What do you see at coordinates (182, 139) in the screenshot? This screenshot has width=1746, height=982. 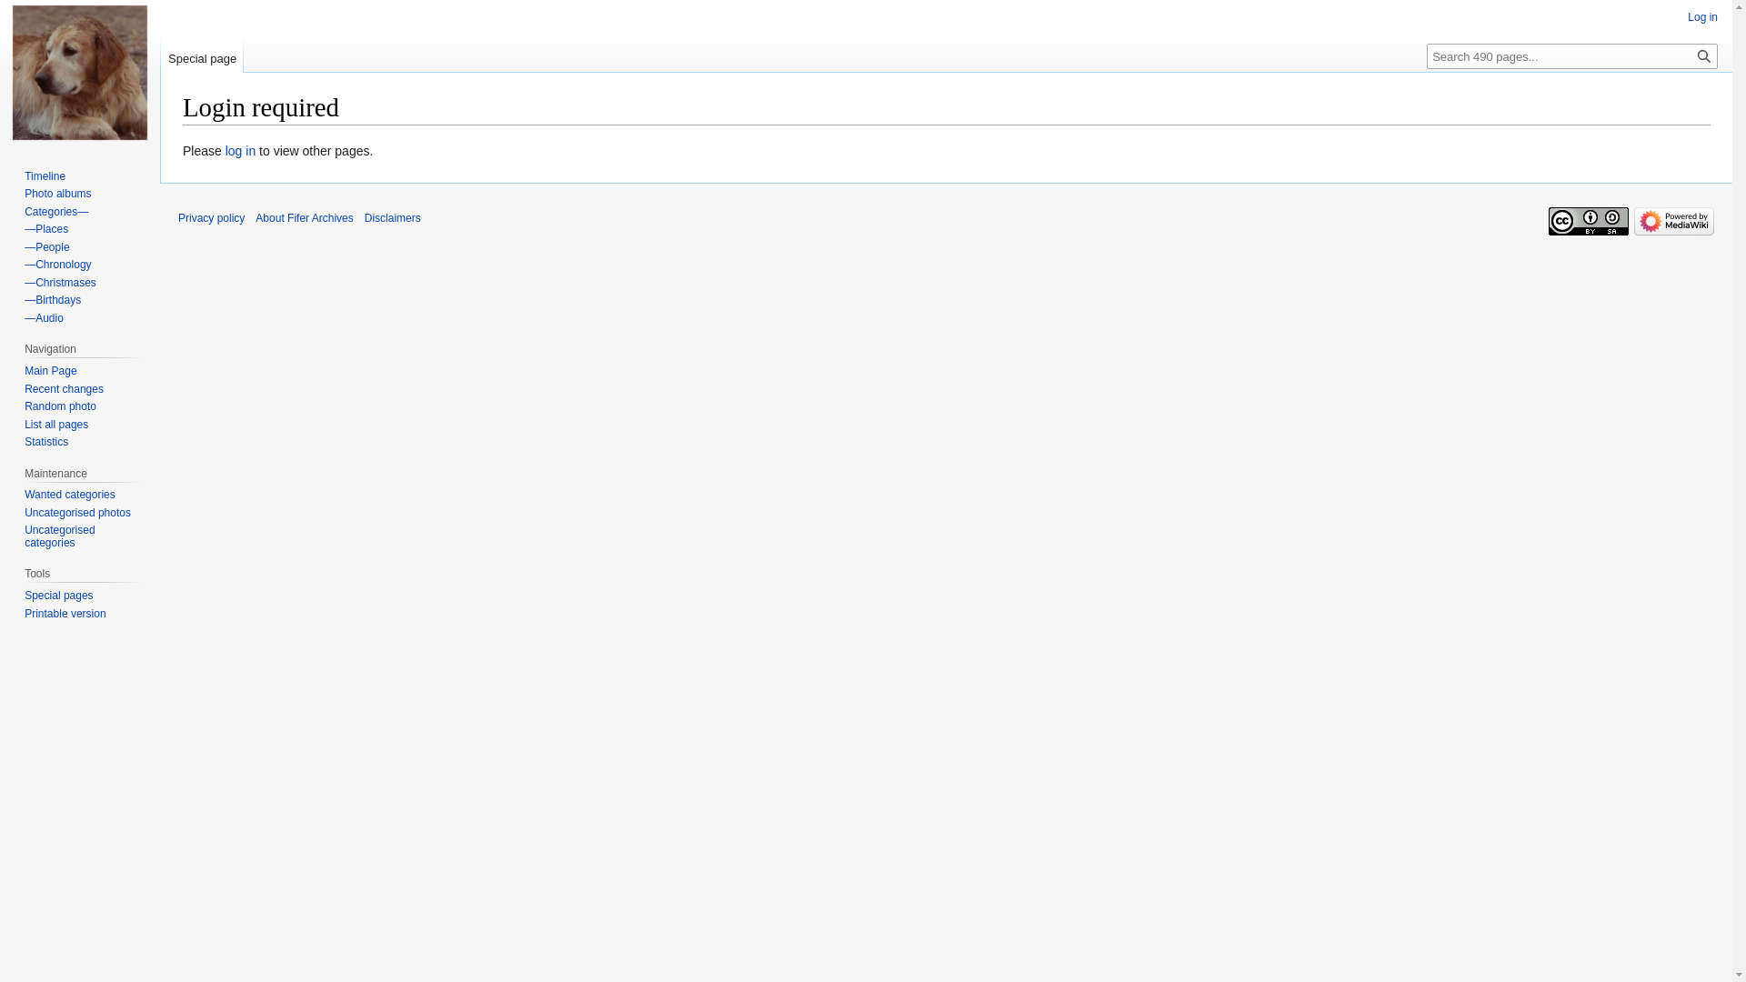 I see `'Jump to navigation'` at bounding box center [182, 139].